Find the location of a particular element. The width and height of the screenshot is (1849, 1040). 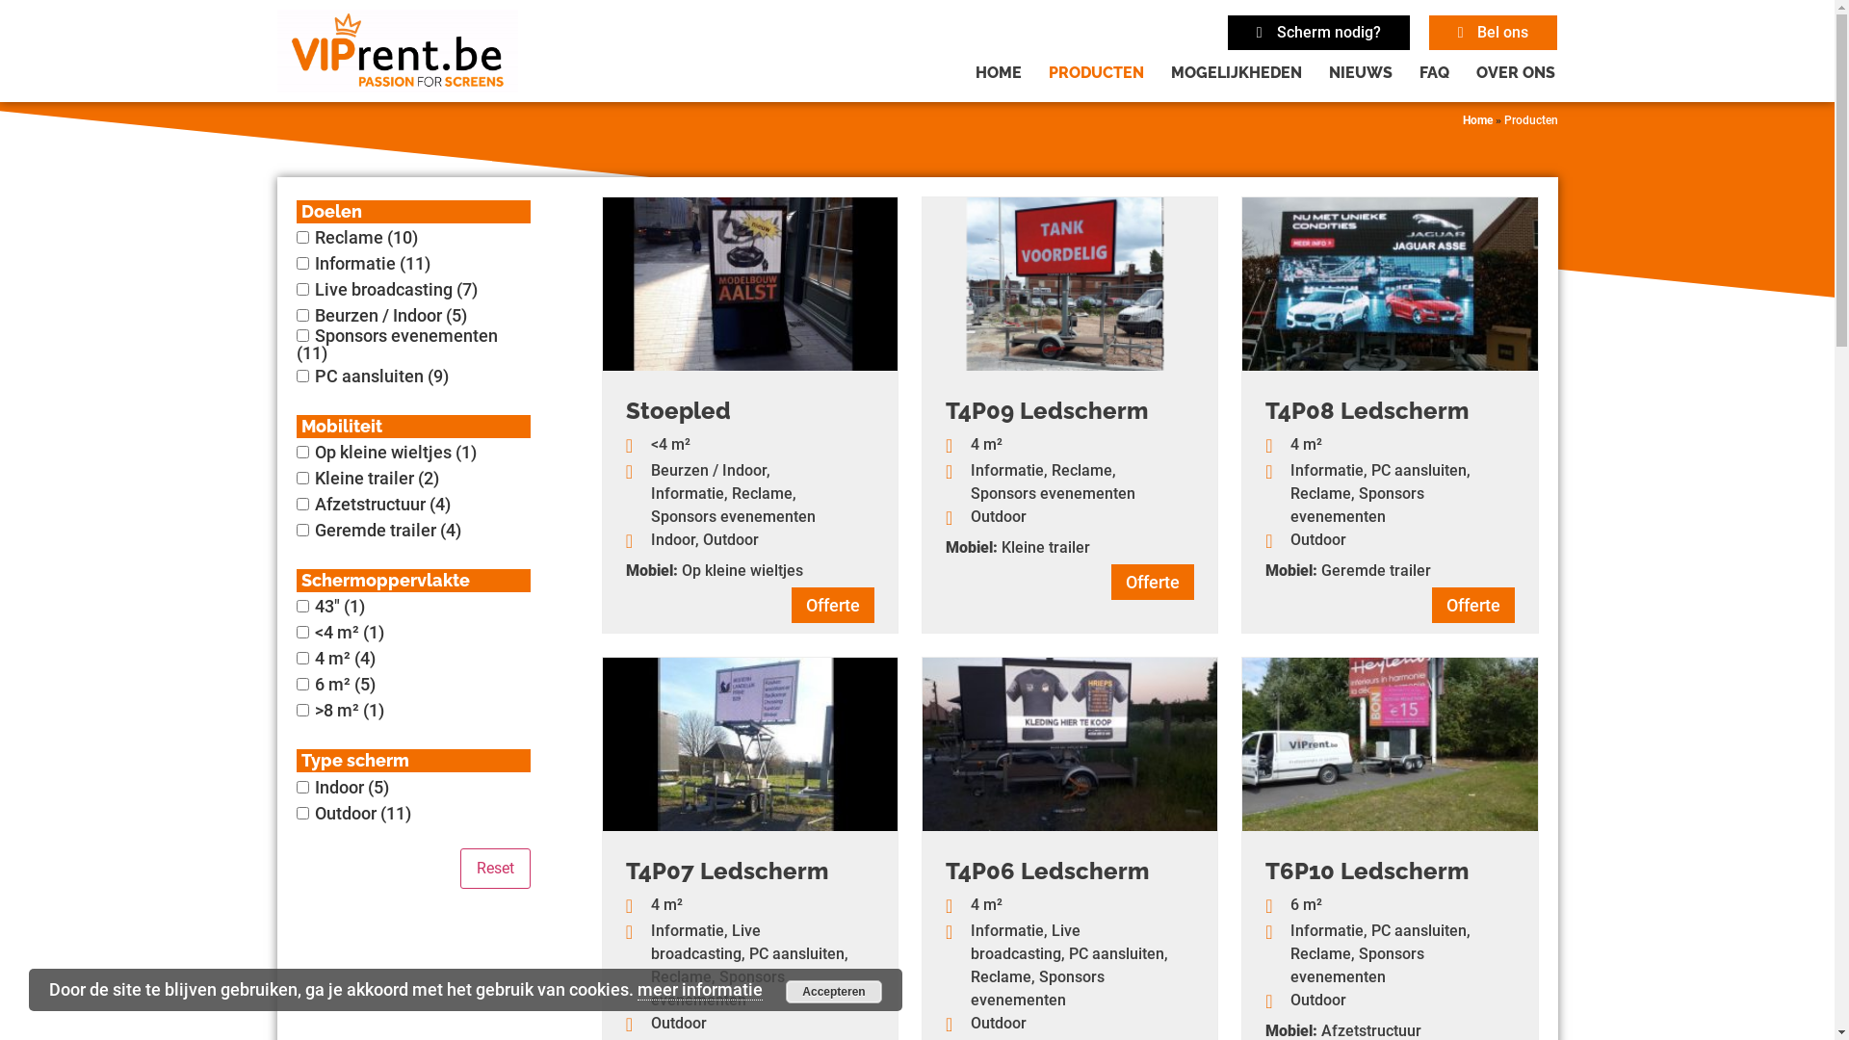

'NIEUWS' is located at coordinates (1325, 72).